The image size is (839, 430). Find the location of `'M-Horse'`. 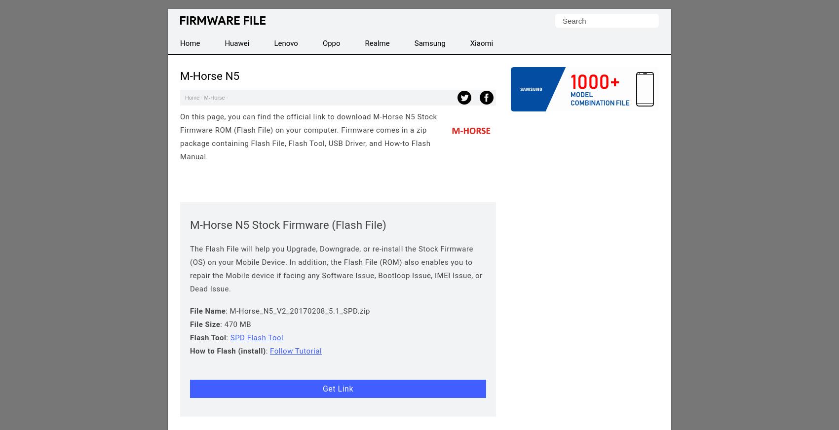

'M-Horse' is located at coordinates (214, 98).